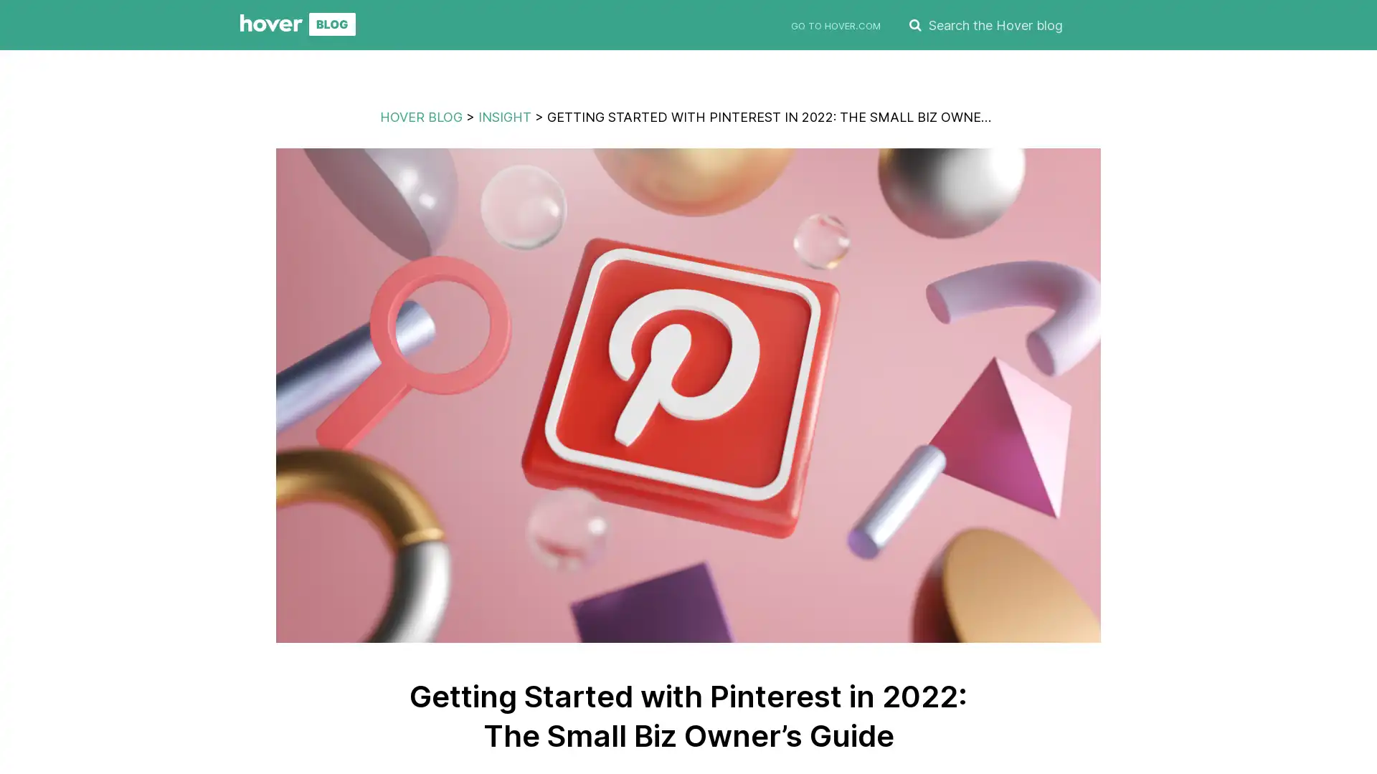  What do you see at coordinates (914, 24) in the screenshot?
I see `SEARCH` at bounding box center [914, 24].